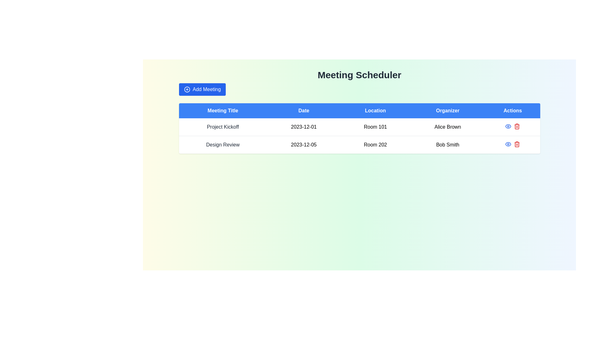 Image resolution: width=602 pixels, height=338 pixels. Describe the element at coordinates (223, 127) in the screenshot. I see `the Text Label displaying the title of the meeting or event in the first row under the 'Meeting Title' column of the schedule` at that location.